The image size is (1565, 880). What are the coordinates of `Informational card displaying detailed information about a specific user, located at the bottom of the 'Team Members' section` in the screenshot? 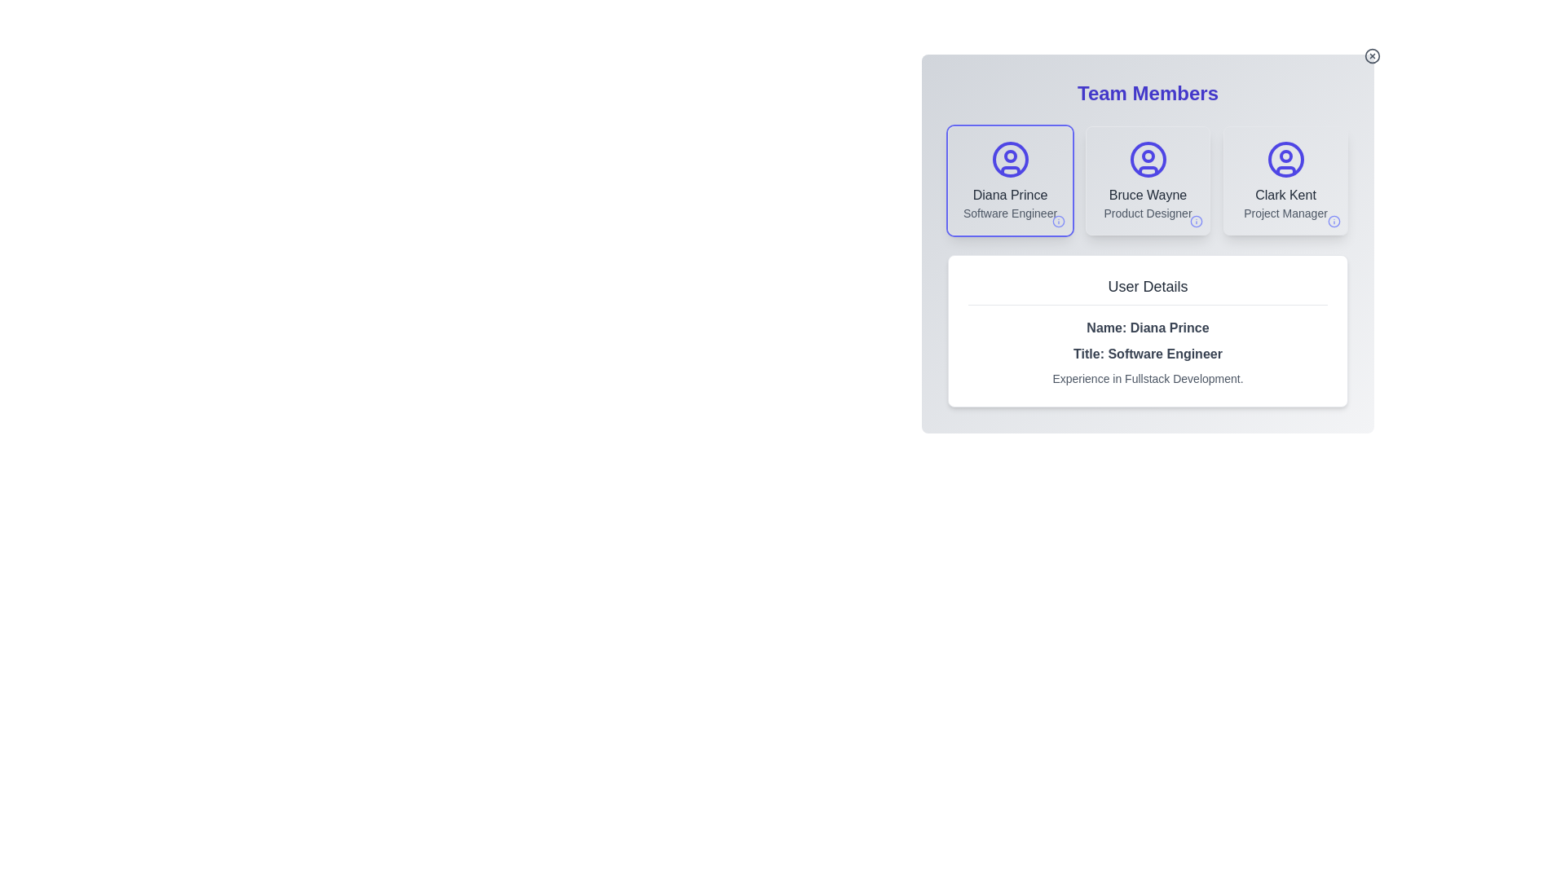 It's located at (1147, 330).